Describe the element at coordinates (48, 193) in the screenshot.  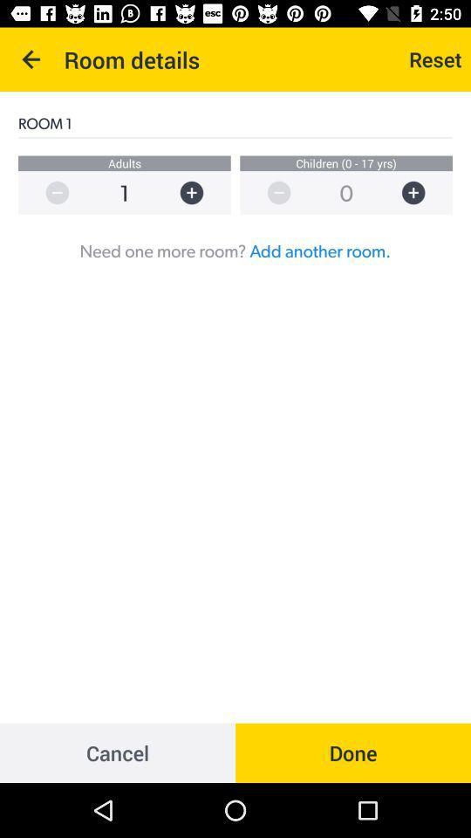
I see `button to decrement number of adults` at that location.